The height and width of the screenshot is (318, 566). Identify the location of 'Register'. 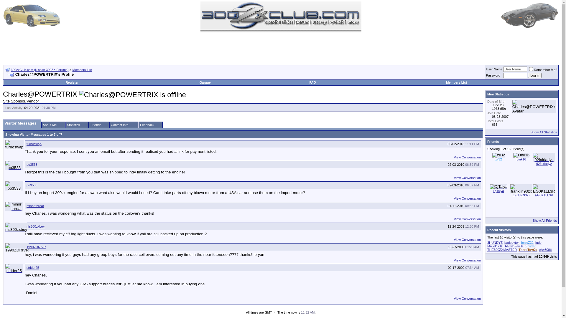
(72, 82).